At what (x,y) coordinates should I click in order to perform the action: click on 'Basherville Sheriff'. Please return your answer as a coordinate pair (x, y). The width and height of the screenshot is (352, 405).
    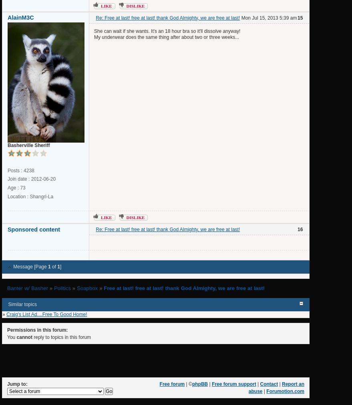
    Looking at the image, I should click on (7, 145).